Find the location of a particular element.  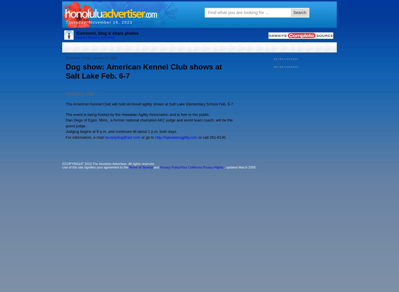

'hicrazydog@aol.com' is located at coordinates (122, 137).